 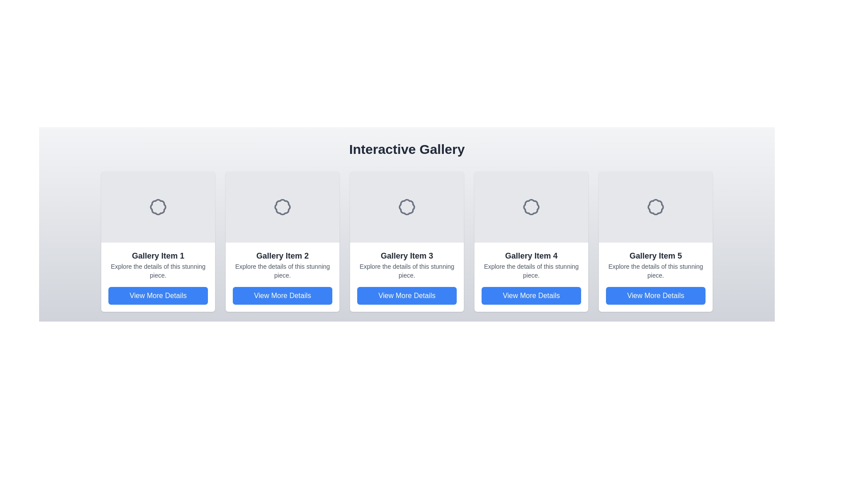 What do you see at coordinates (158, 207) in the screenshot?
I see `the decorative graphical element or badge icon located at the top section of 'Gallery Item 1', positioned above the text content and the 'View More Details' button` at bounding box center [158, 207].